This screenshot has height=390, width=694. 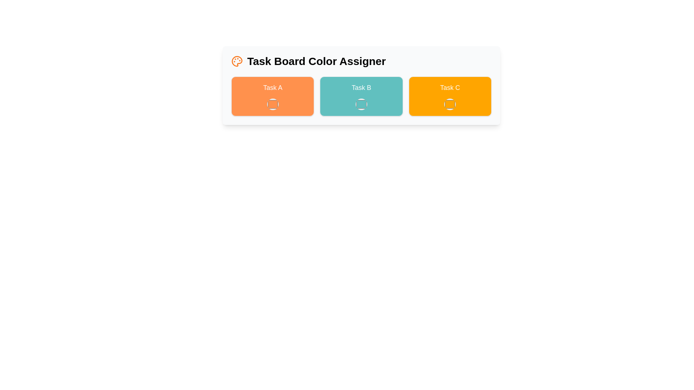 What do you see at coordinates (361, 104) in the screenshot?
I see `the color picker element located in the lower central part of the 'Task B' card` at bounding box center [361, 104].